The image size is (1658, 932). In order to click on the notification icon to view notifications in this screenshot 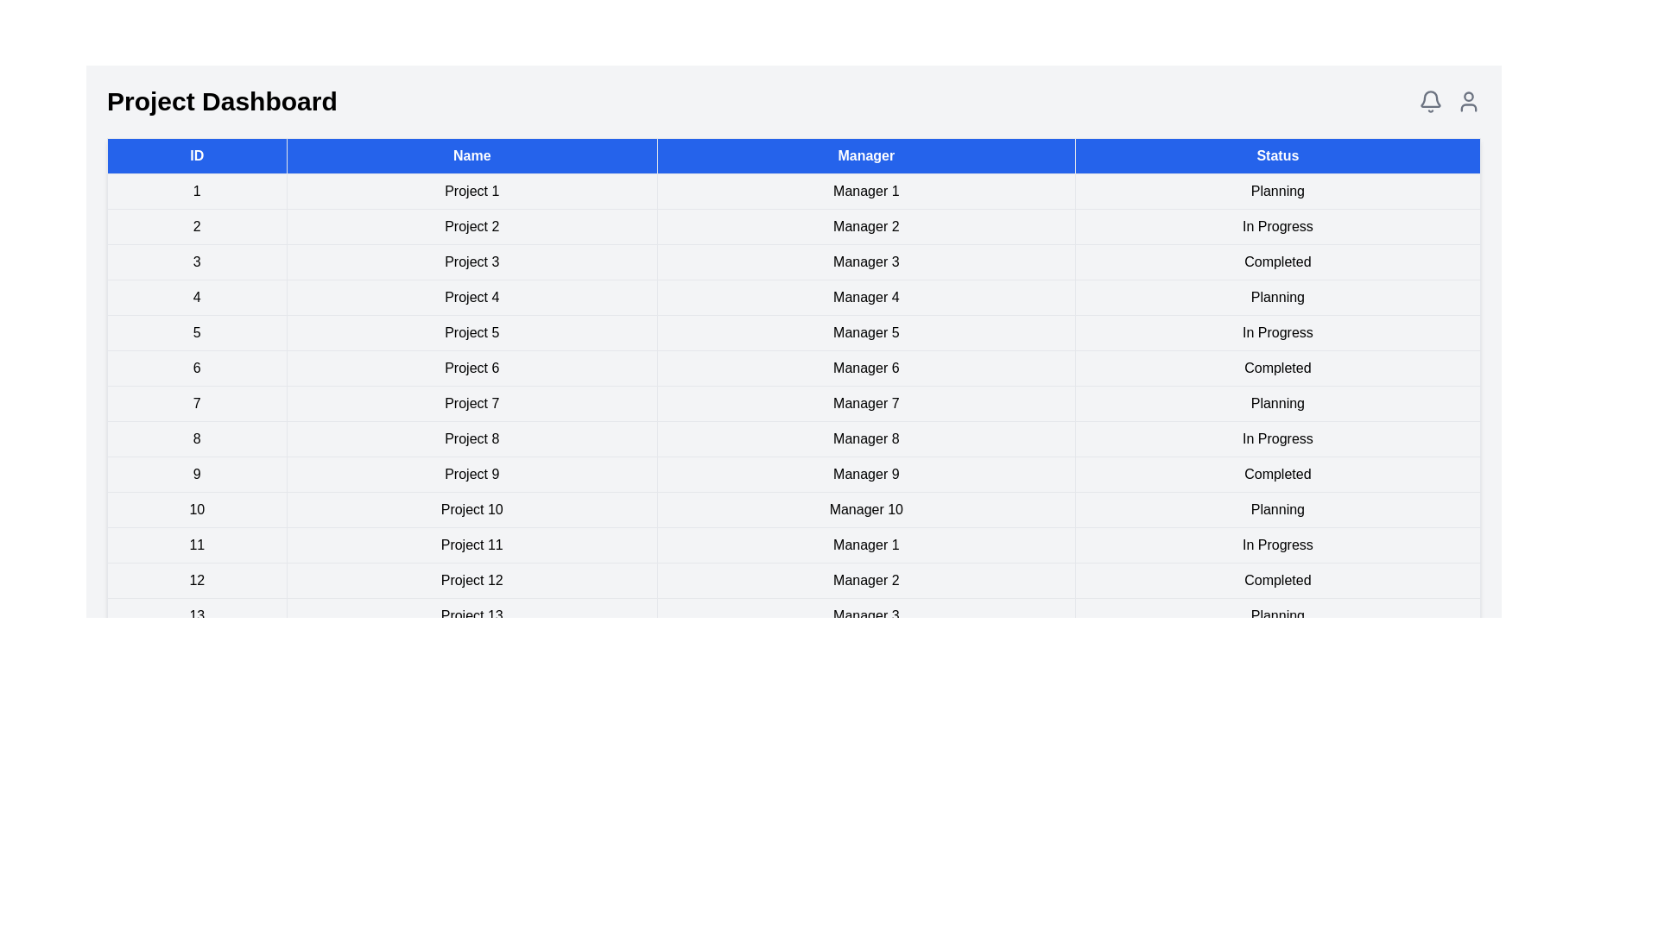, I will do `click(1430, 102)`.